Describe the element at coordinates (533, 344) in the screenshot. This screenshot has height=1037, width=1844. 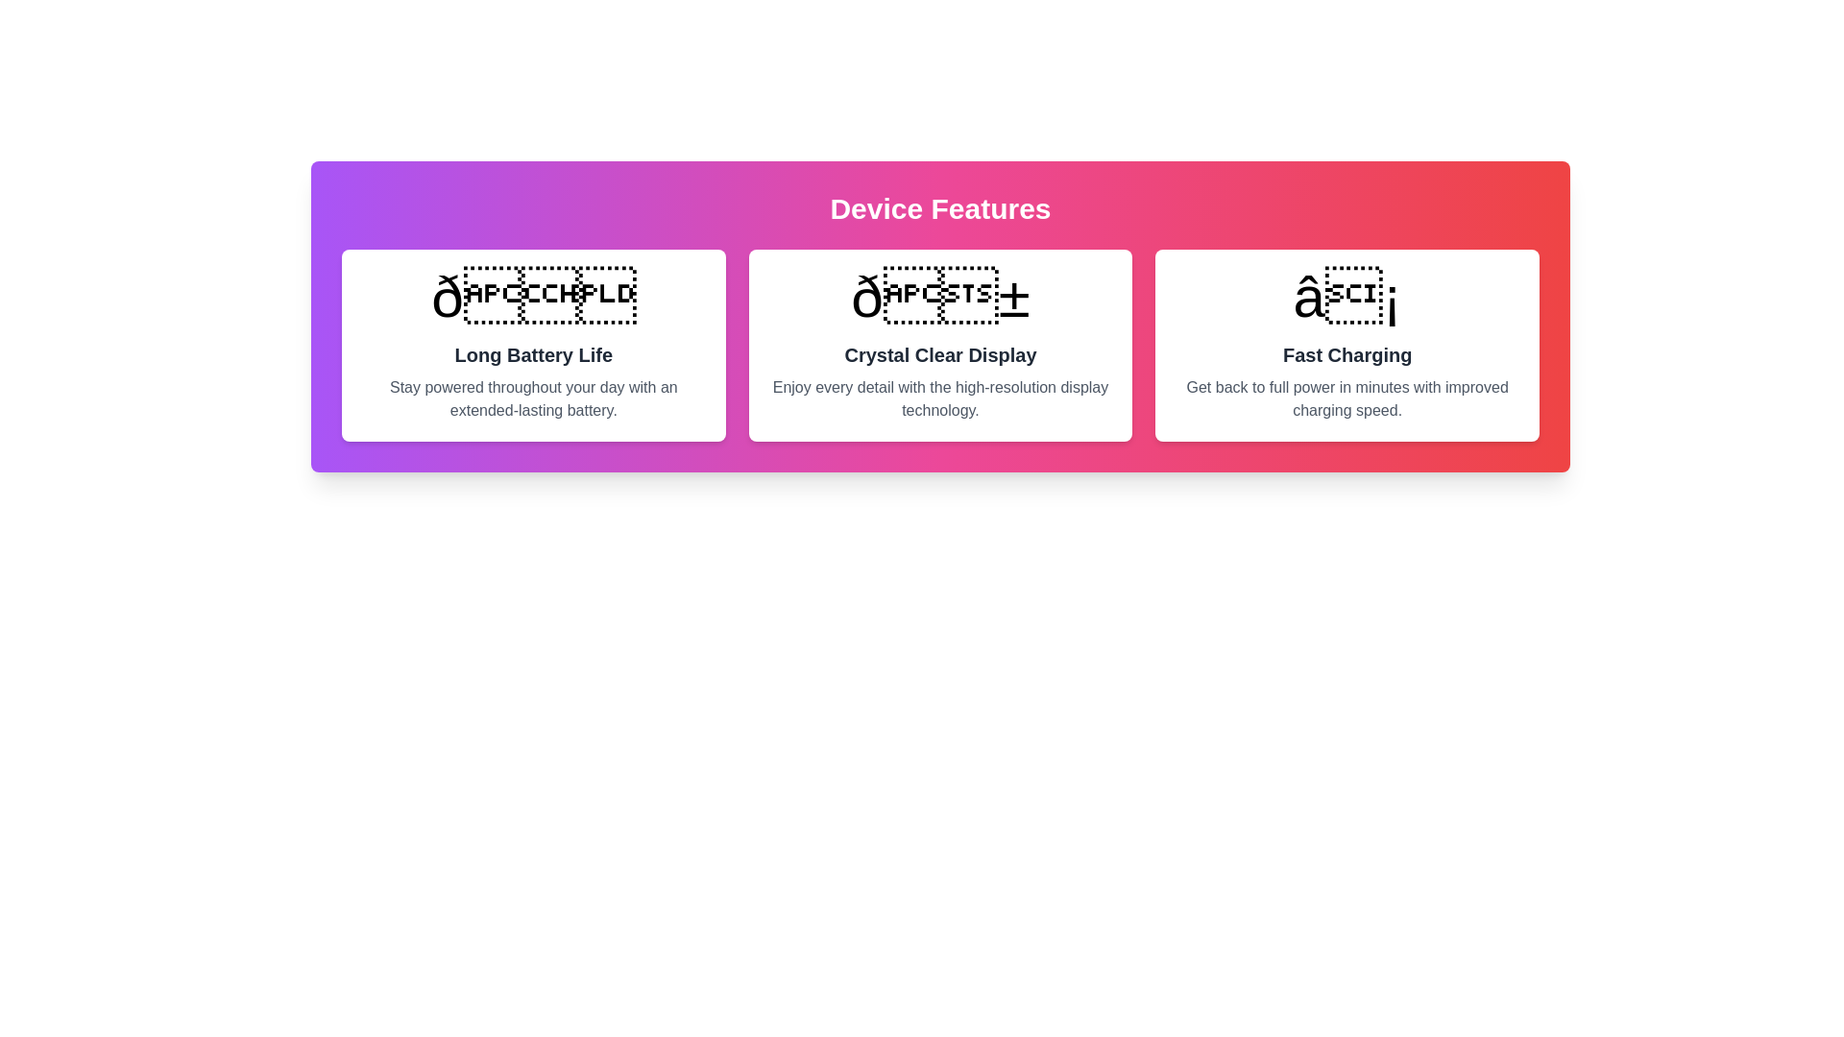
I see `the Informational Card presenting 'Long Battery Life' which is the first card in a row of three in the grid layout` at that location.